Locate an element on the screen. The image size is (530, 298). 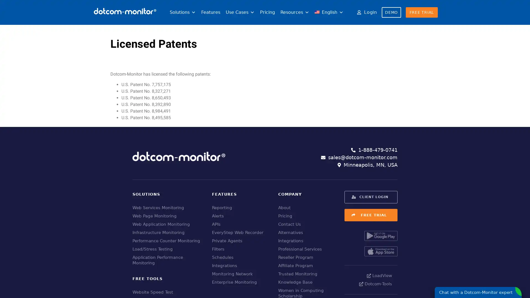
DEMO is located at coordinates (391, 12).